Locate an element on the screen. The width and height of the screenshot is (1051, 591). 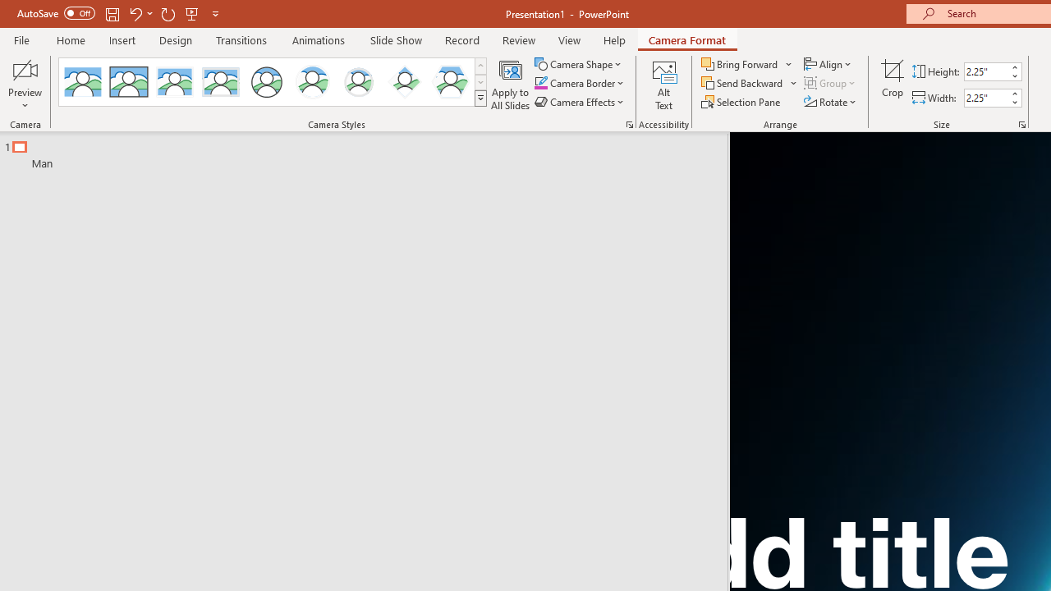
'Center Shadow Rectangle' is located at coordinates (175, 82).